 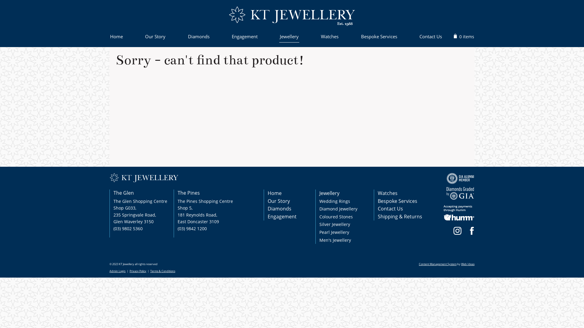 I want to click on 'Web Ideas', so click(x=467, y=264).